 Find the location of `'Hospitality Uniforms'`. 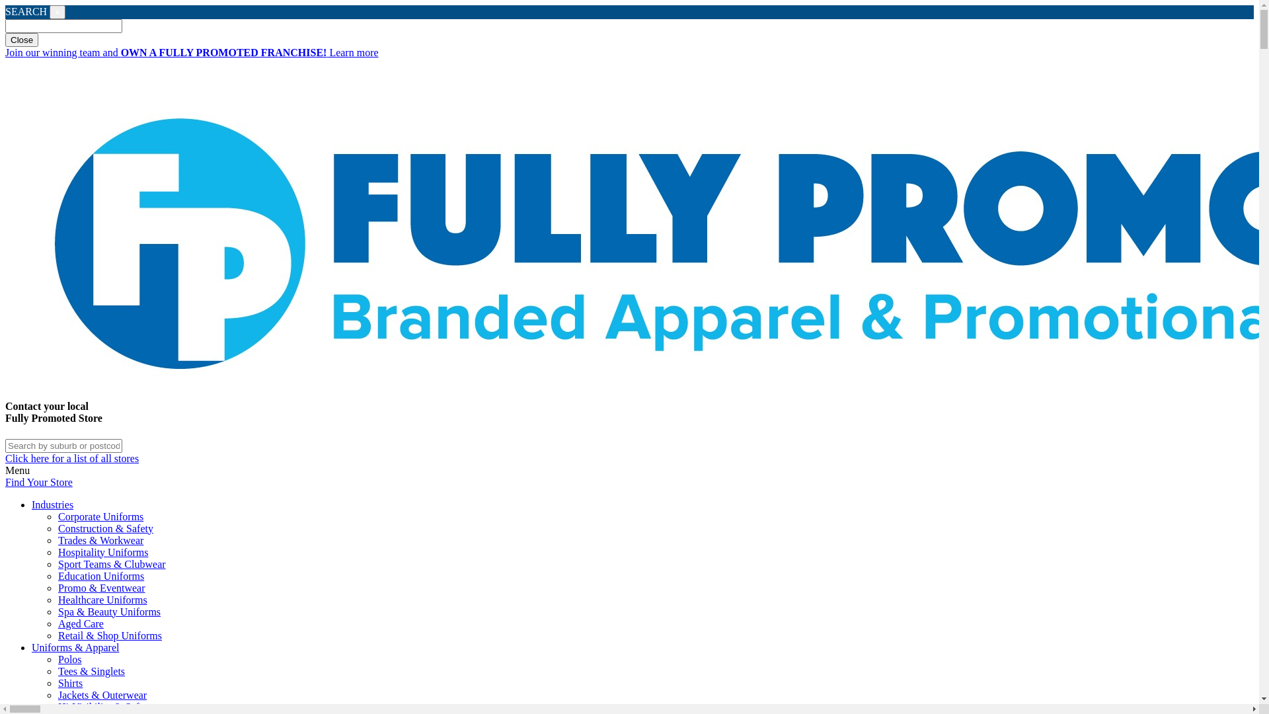

'Hospitality Uniforms' is located at coordinates (102, 552).